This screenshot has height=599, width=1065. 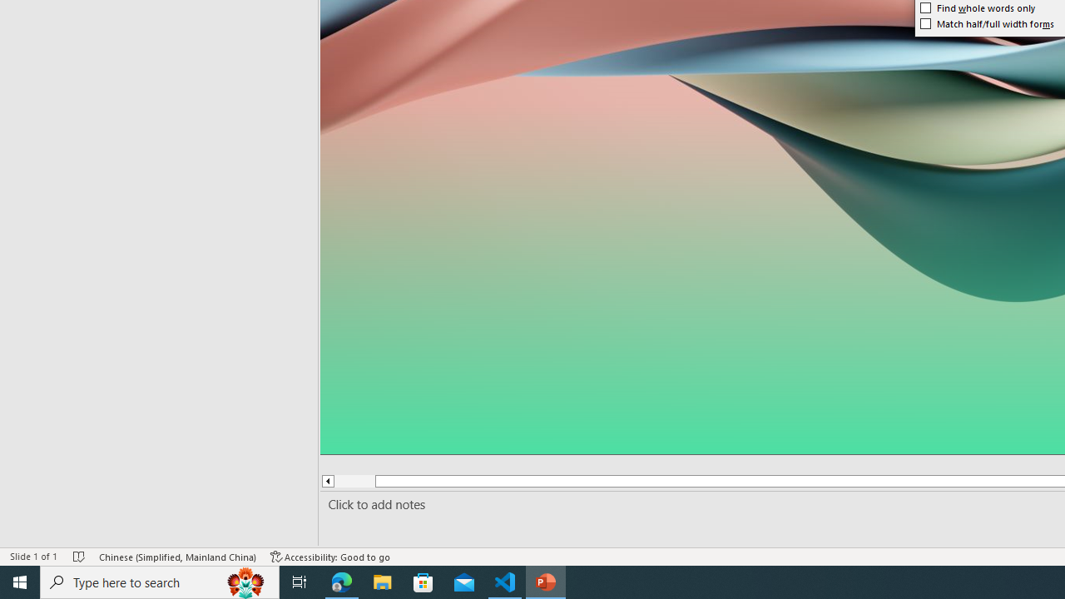 What do you see at coordinates (354, 481) in the screenshot?
I see `'Page up'` at bounding box center [354, 481].